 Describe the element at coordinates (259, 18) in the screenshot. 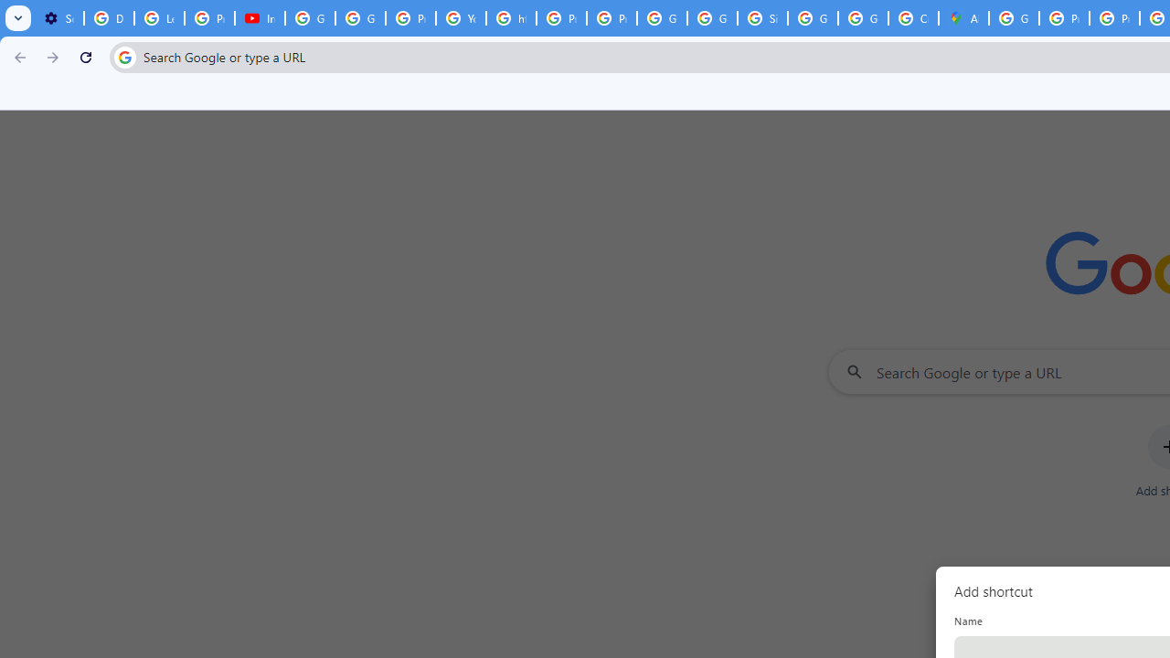

I see `'Introduction | Google Privacy Policy - YouTube'` at that location.